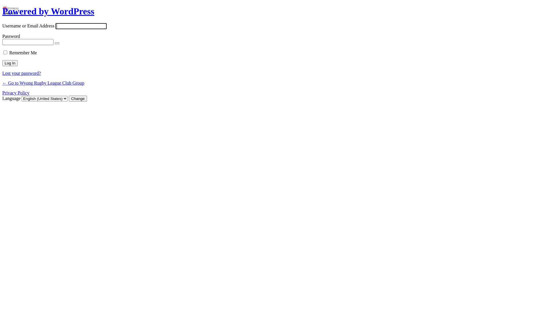 The height and width of the screenshot is (312, 555). What do you see at coordinates (2, 63) in the screenshot?
I see `'Log In'` at bounding box center [2, 63].